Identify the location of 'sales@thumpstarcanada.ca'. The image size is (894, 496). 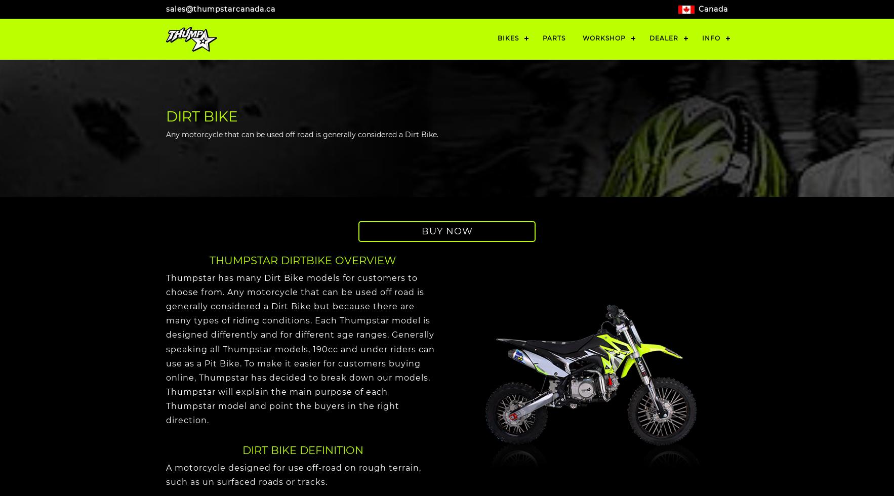
(220, 9).